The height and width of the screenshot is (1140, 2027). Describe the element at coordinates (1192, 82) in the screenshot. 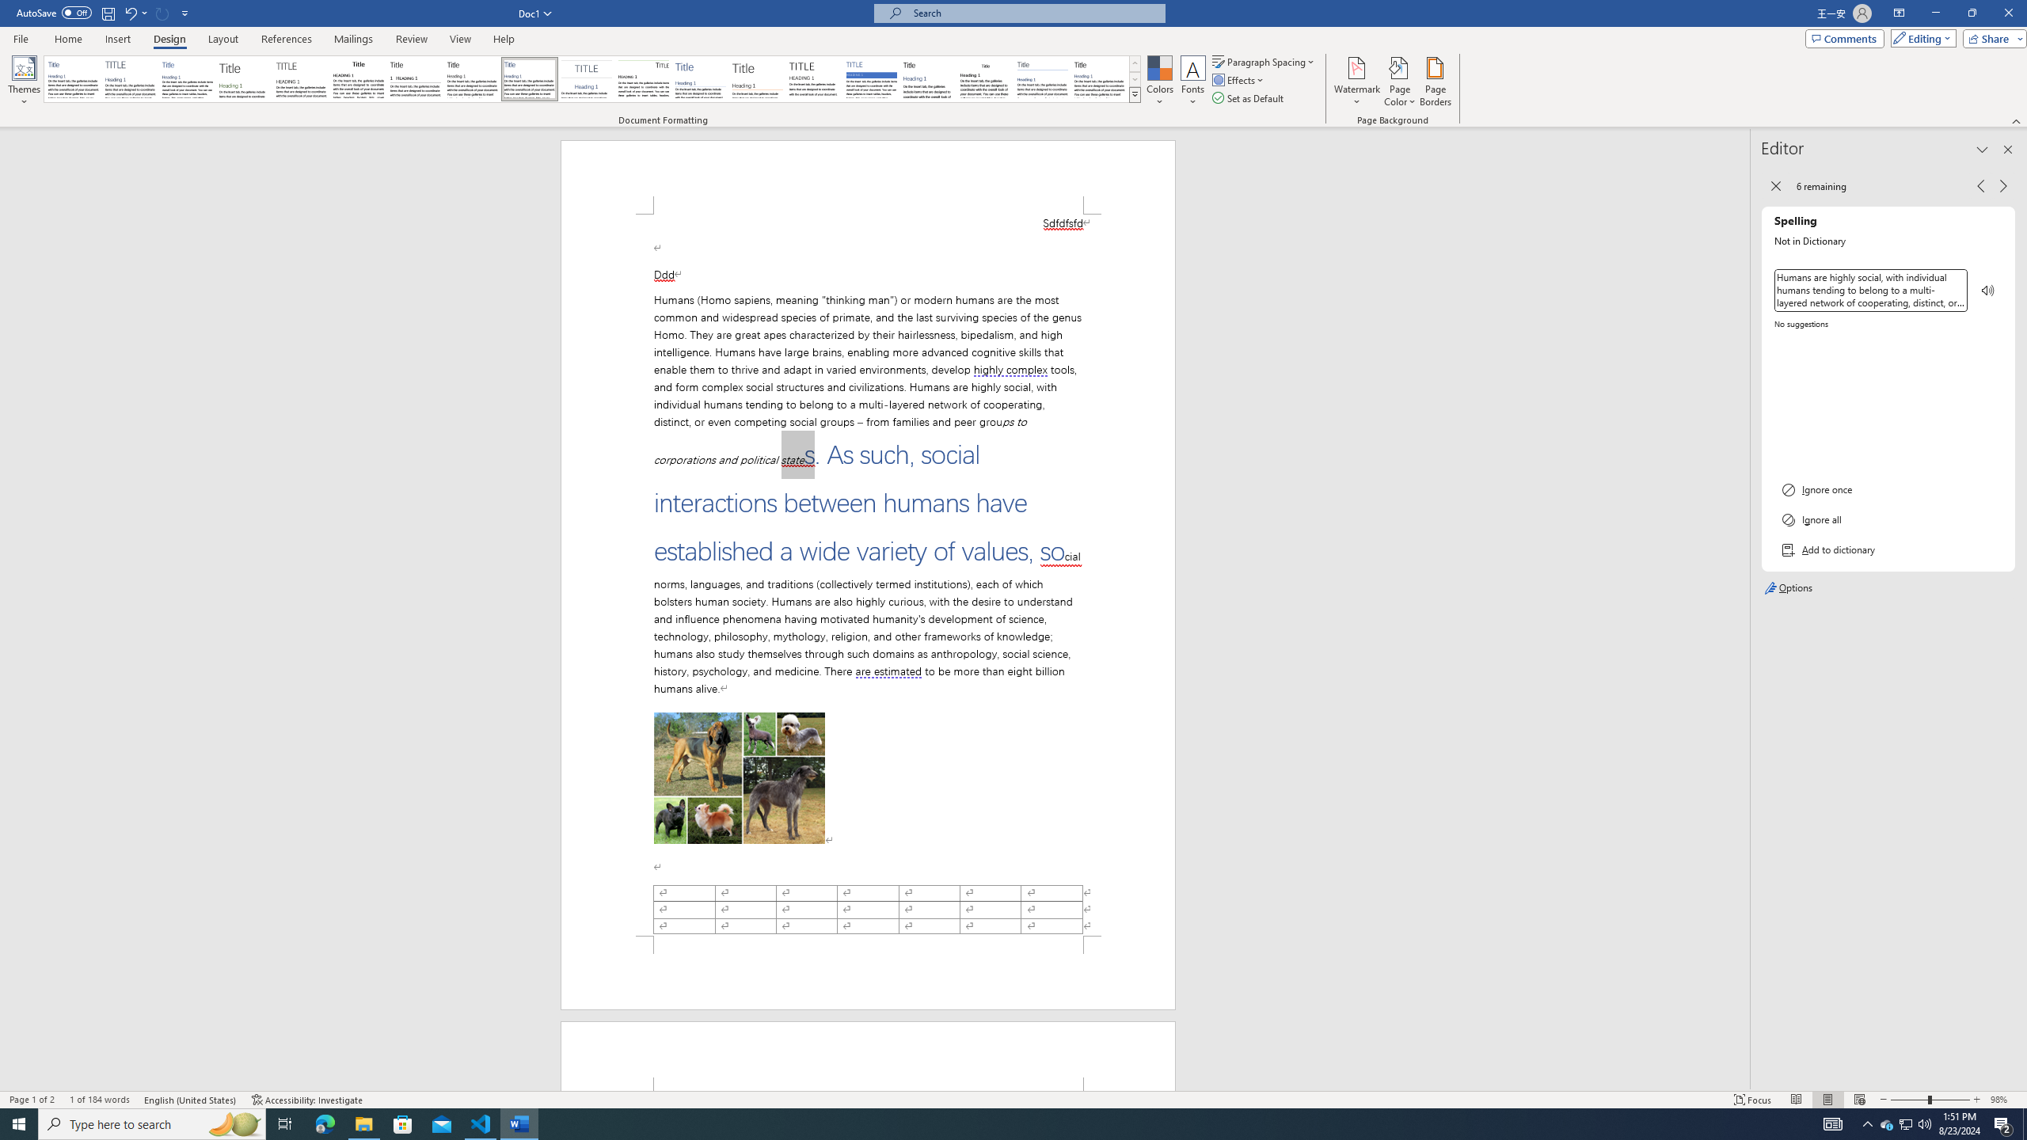

I see `'Fonts'` at that location.